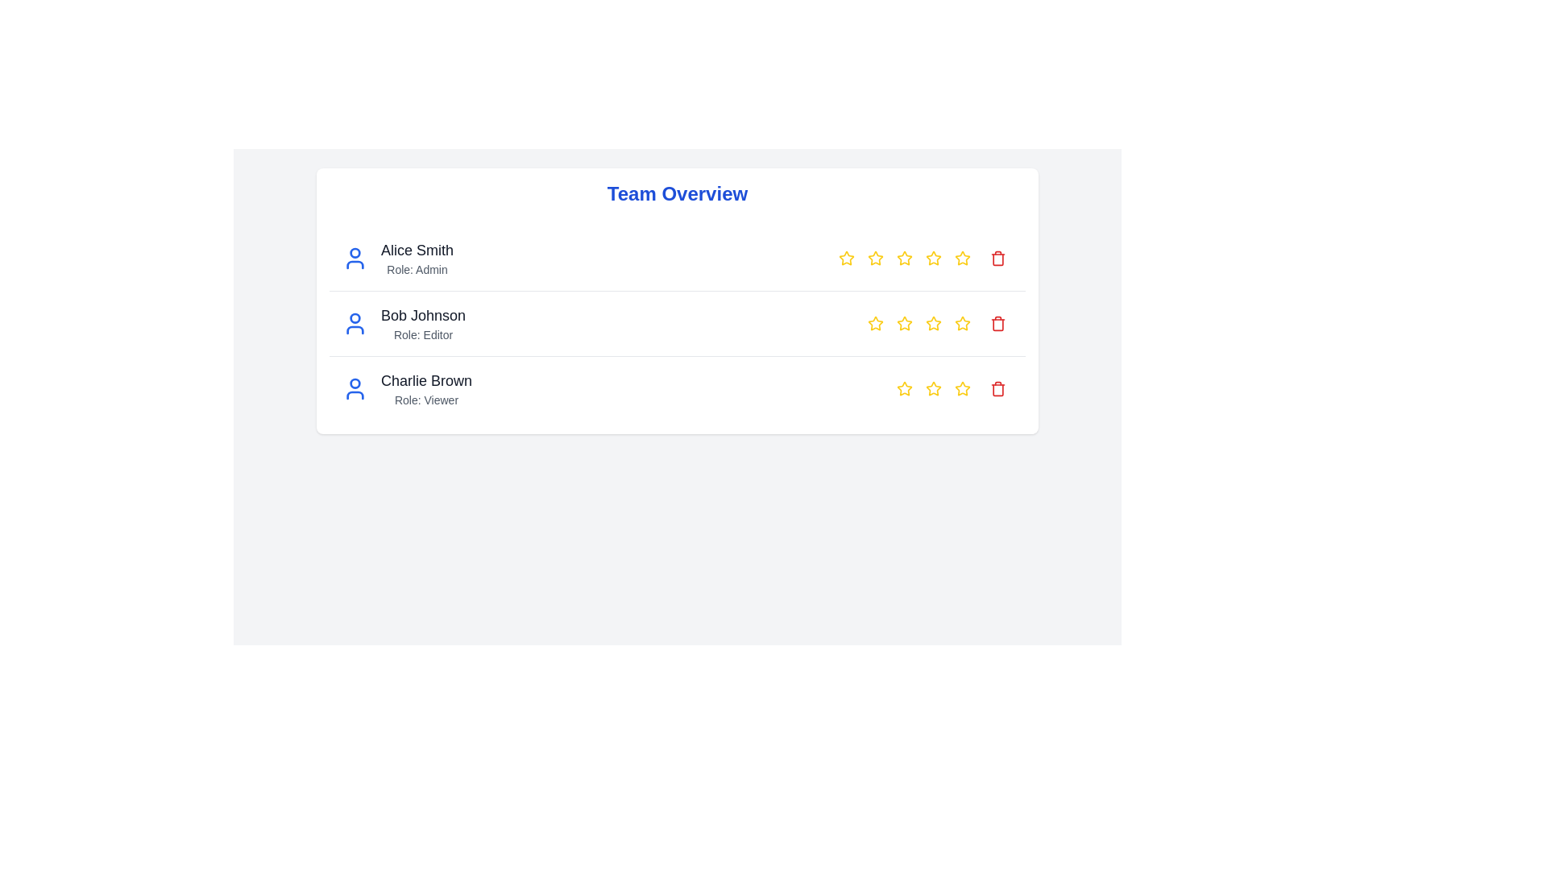 The image size is (1547, 870). Describe the element at coordinates (905, 323) in the screenshot. I see `the second yellow star icon in the row of rating stars associated with user 'Bob Johnson' in the 'Team Overview' section` at that location.